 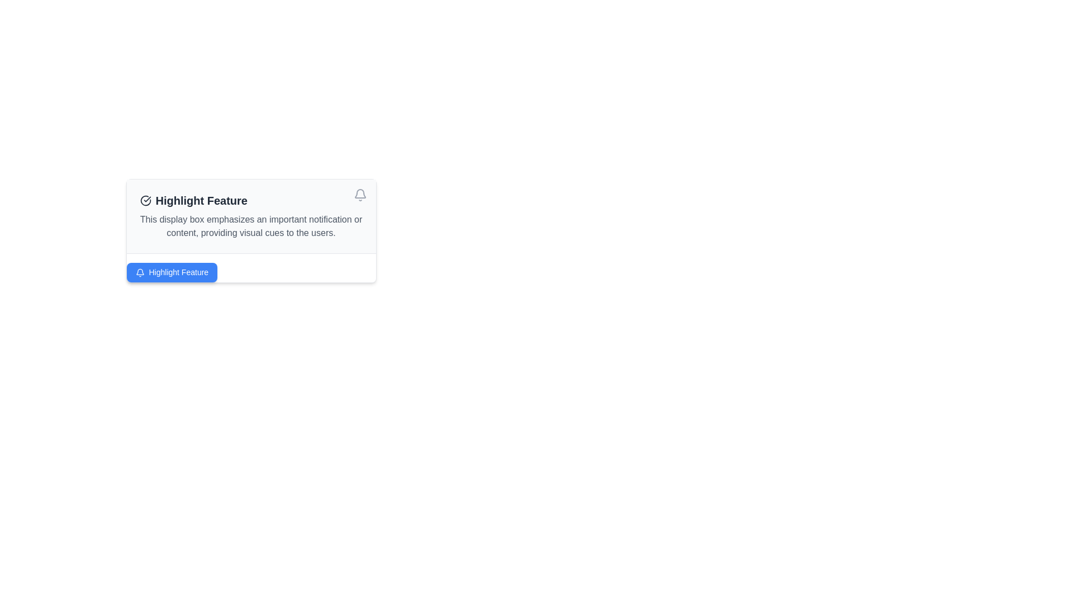 What do you see at coordinates (145, 200) in the screenshot?
I see `the decorative icon that is the leftmost component of the 'Highlight Feature' heading, which visually complements the text` at bounding box center [145, 200].